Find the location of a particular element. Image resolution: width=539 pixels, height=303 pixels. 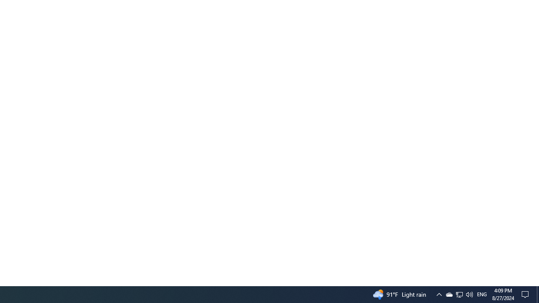

'Action Center, No new notifications' is located at coordinates (537, 294).